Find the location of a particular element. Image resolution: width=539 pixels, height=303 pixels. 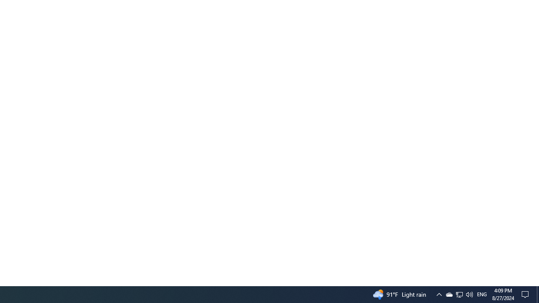

'Action Center, No new notifications' is located at coordinates (537, 294).